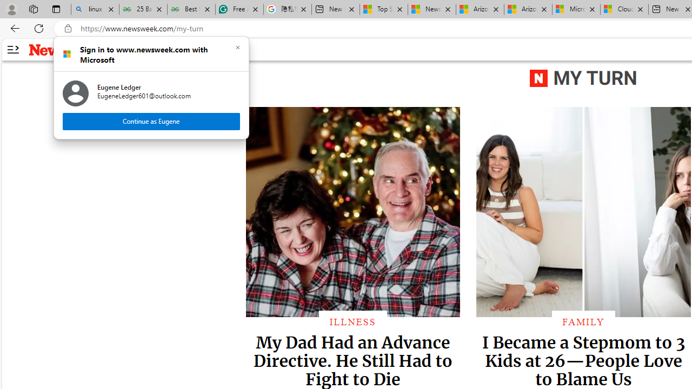 Image resolution: width=692 pixels, height=389 pixels. What do you see at coordinates (151, 122) in the screenshot?
I see `'Continue as Eugene'` at bounding box center [151, 122].